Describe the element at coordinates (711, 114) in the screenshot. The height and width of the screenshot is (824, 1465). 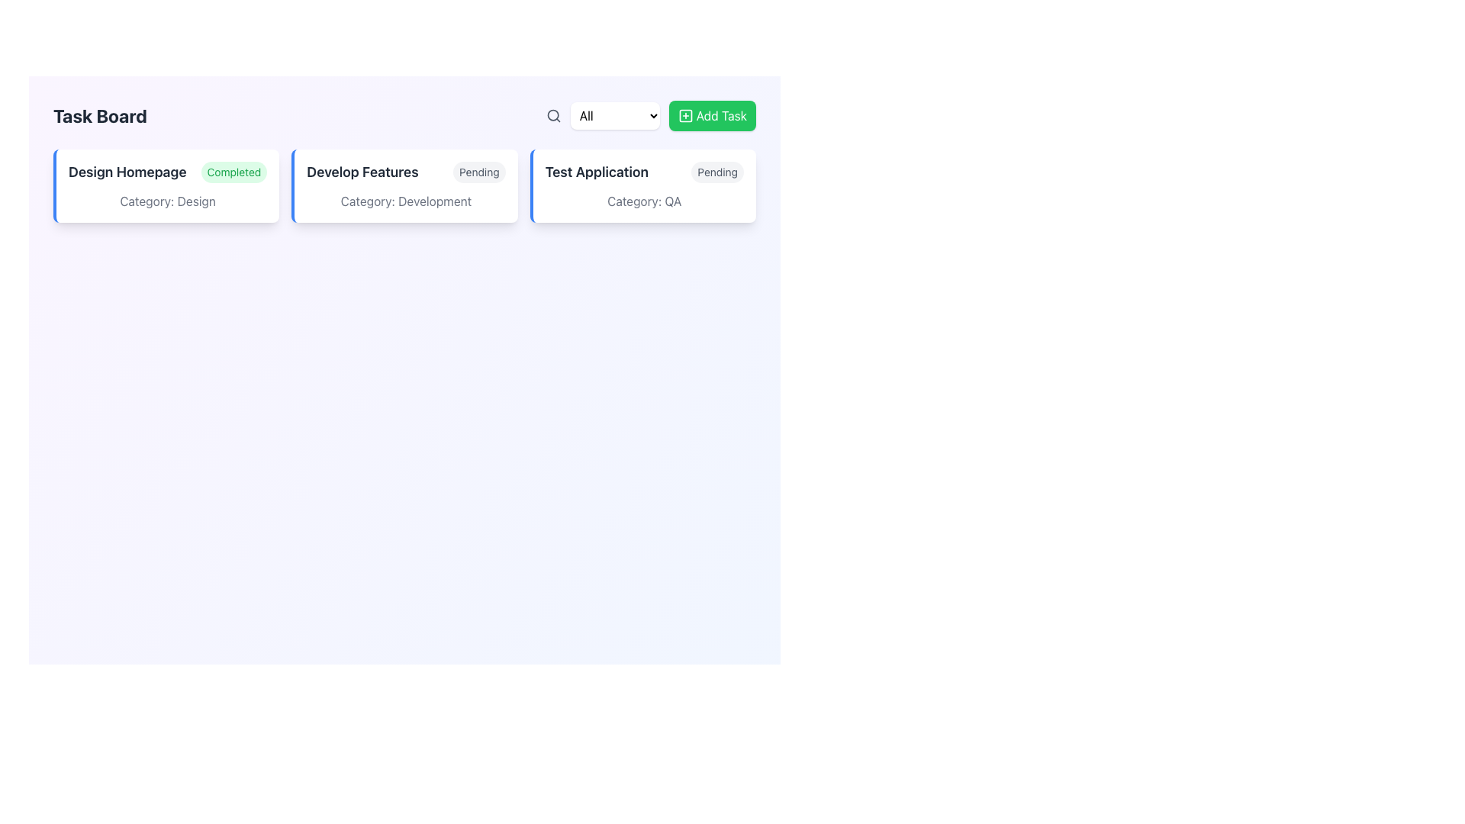
I see `the green 'Add Task' button located at the top-right corner of the interface to change its background color to a darker green` at that location.